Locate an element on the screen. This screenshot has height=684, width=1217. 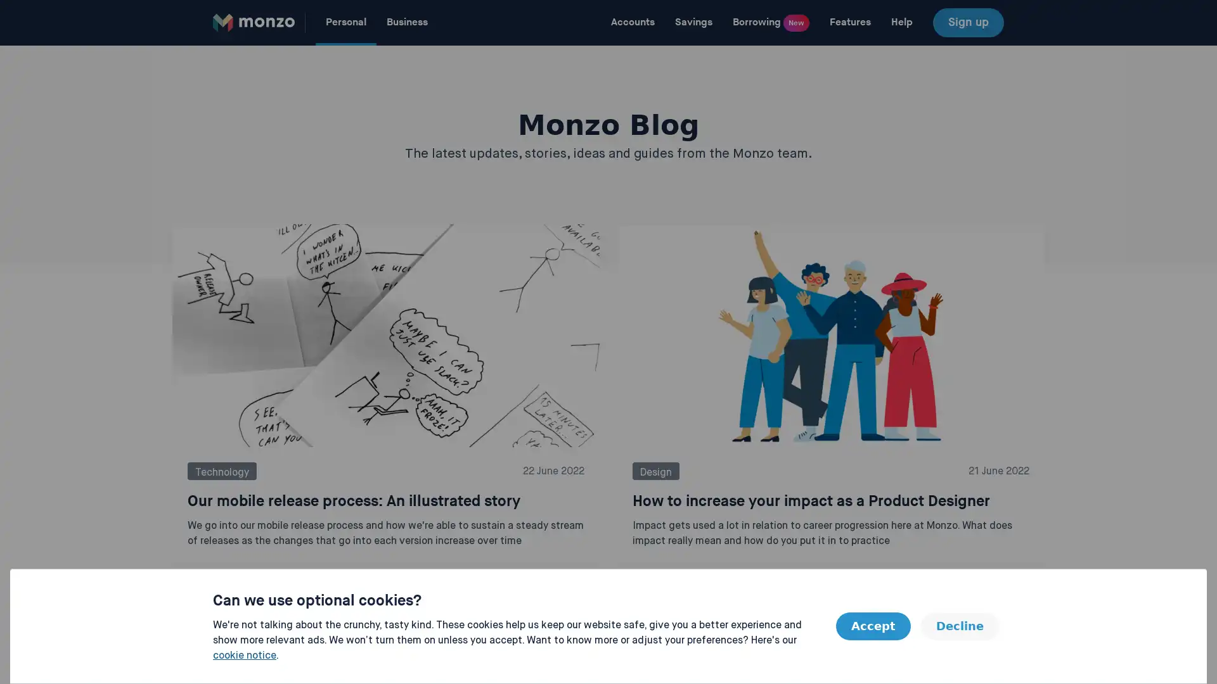
Accounts is located at coordinates (633, 22).